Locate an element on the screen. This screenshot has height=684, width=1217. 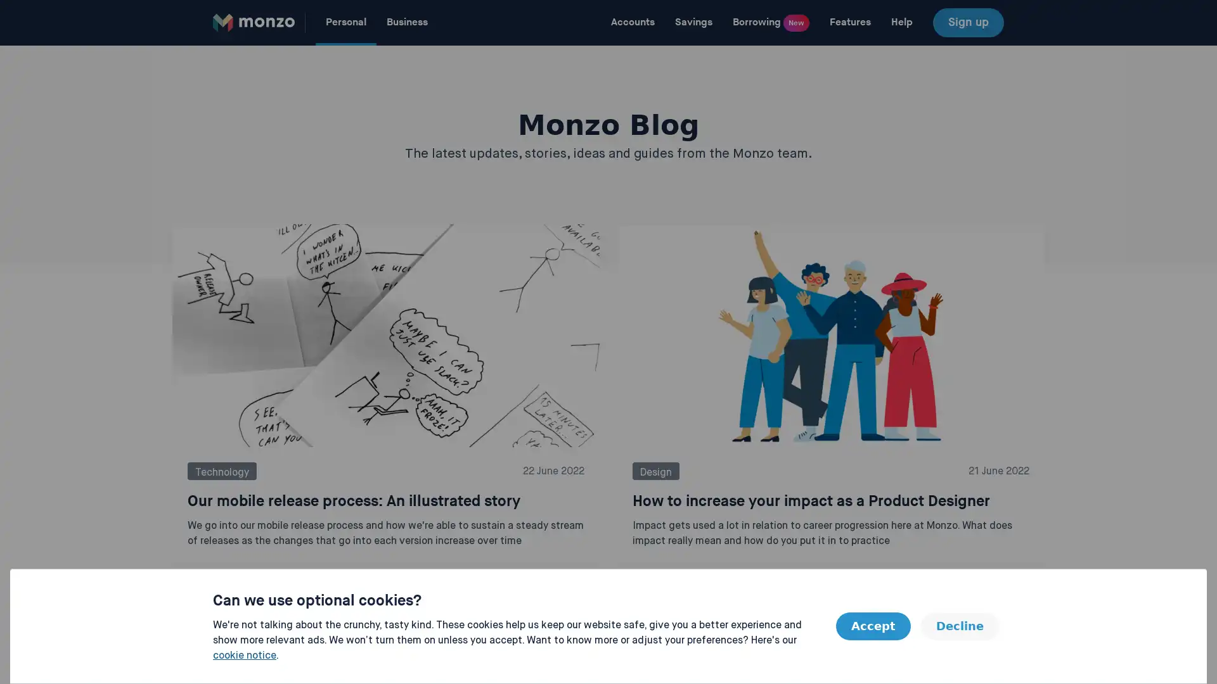
Accounts is located at coordinates (633, 22).